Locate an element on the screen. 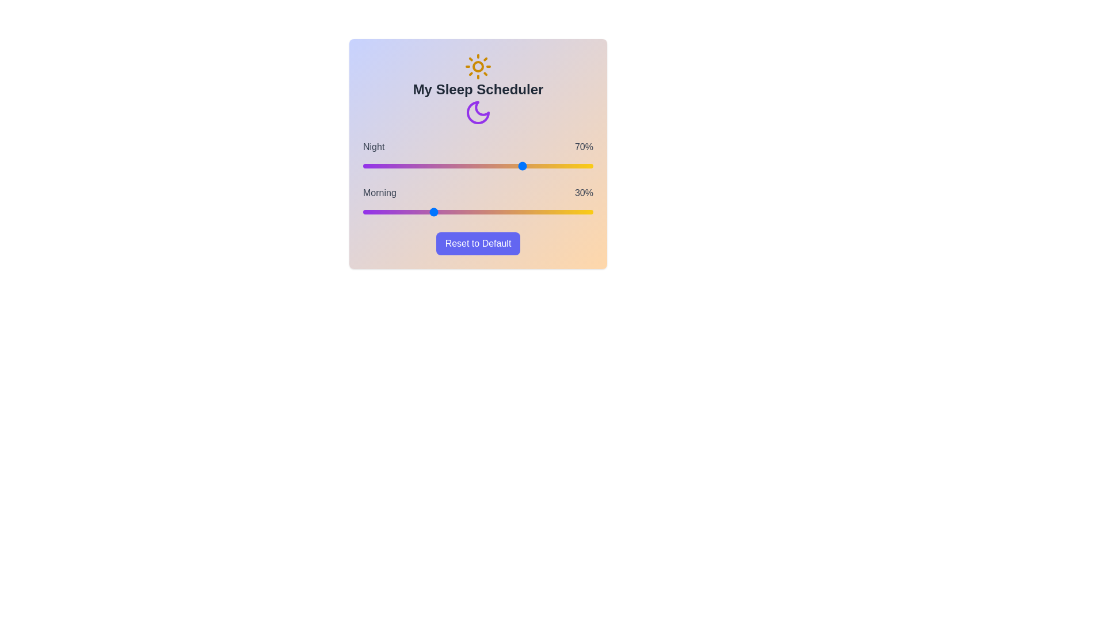 This screenshot has width=1105, height=621. the sun icon is located at coordinates (478, 66).